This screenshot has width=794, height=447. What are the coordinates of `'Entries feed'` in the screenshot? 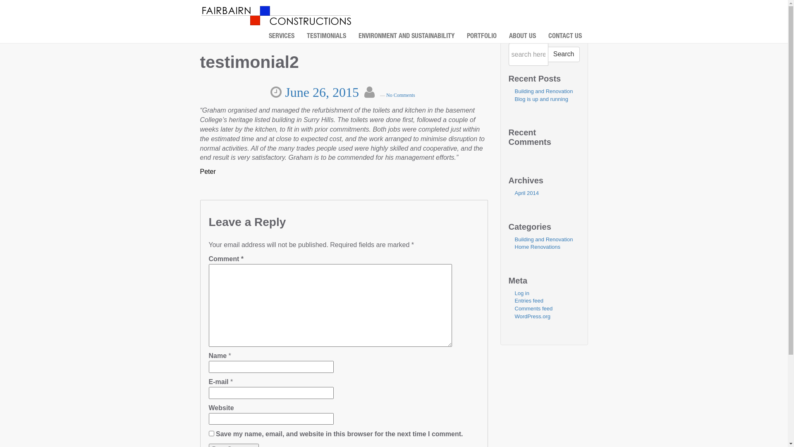 It's located at (528, 300).